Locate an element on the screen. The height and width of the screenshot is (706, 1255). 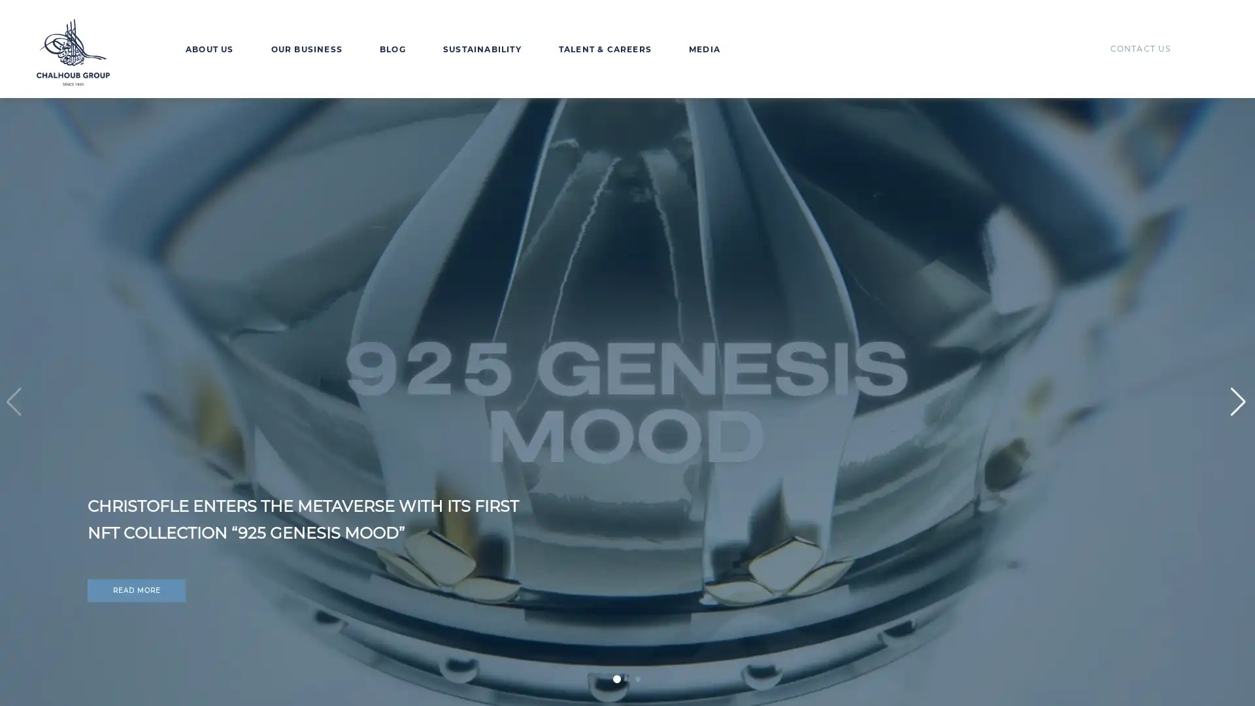
Go to slide 2 is located at coordinates (627, 678).